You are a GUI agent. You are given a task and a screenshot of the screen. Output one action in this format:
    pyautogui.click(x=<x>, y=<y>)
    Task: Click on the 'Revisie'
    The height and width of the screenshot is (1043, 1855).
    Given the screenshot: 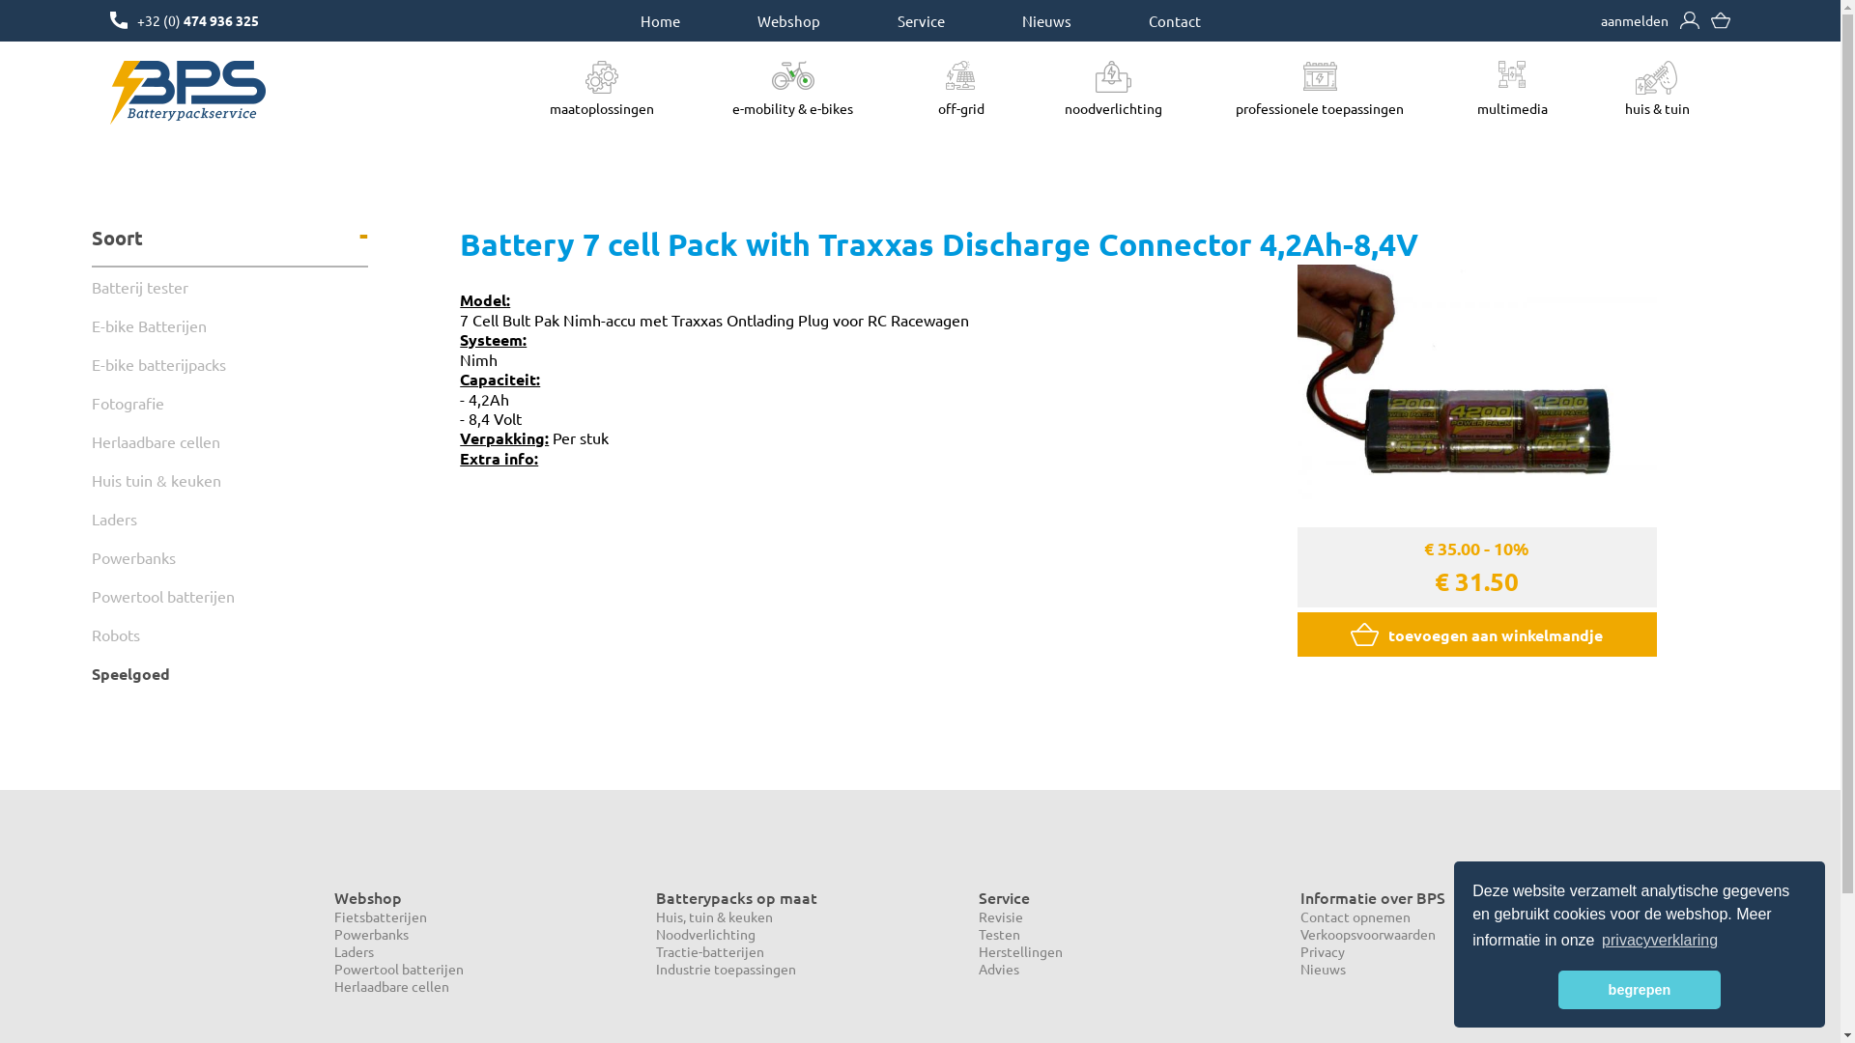 What is the action you would take?
    pyautogui.click(x=1000, y=915)
    